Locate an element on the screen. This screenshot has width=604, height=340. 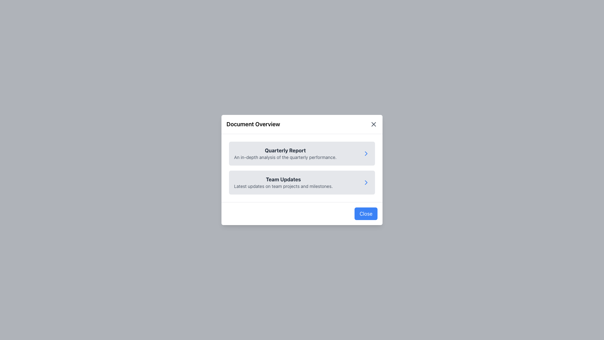
the stylized 'X' icon located in the top-right corner of the modal is located at coordinates (374, 124).